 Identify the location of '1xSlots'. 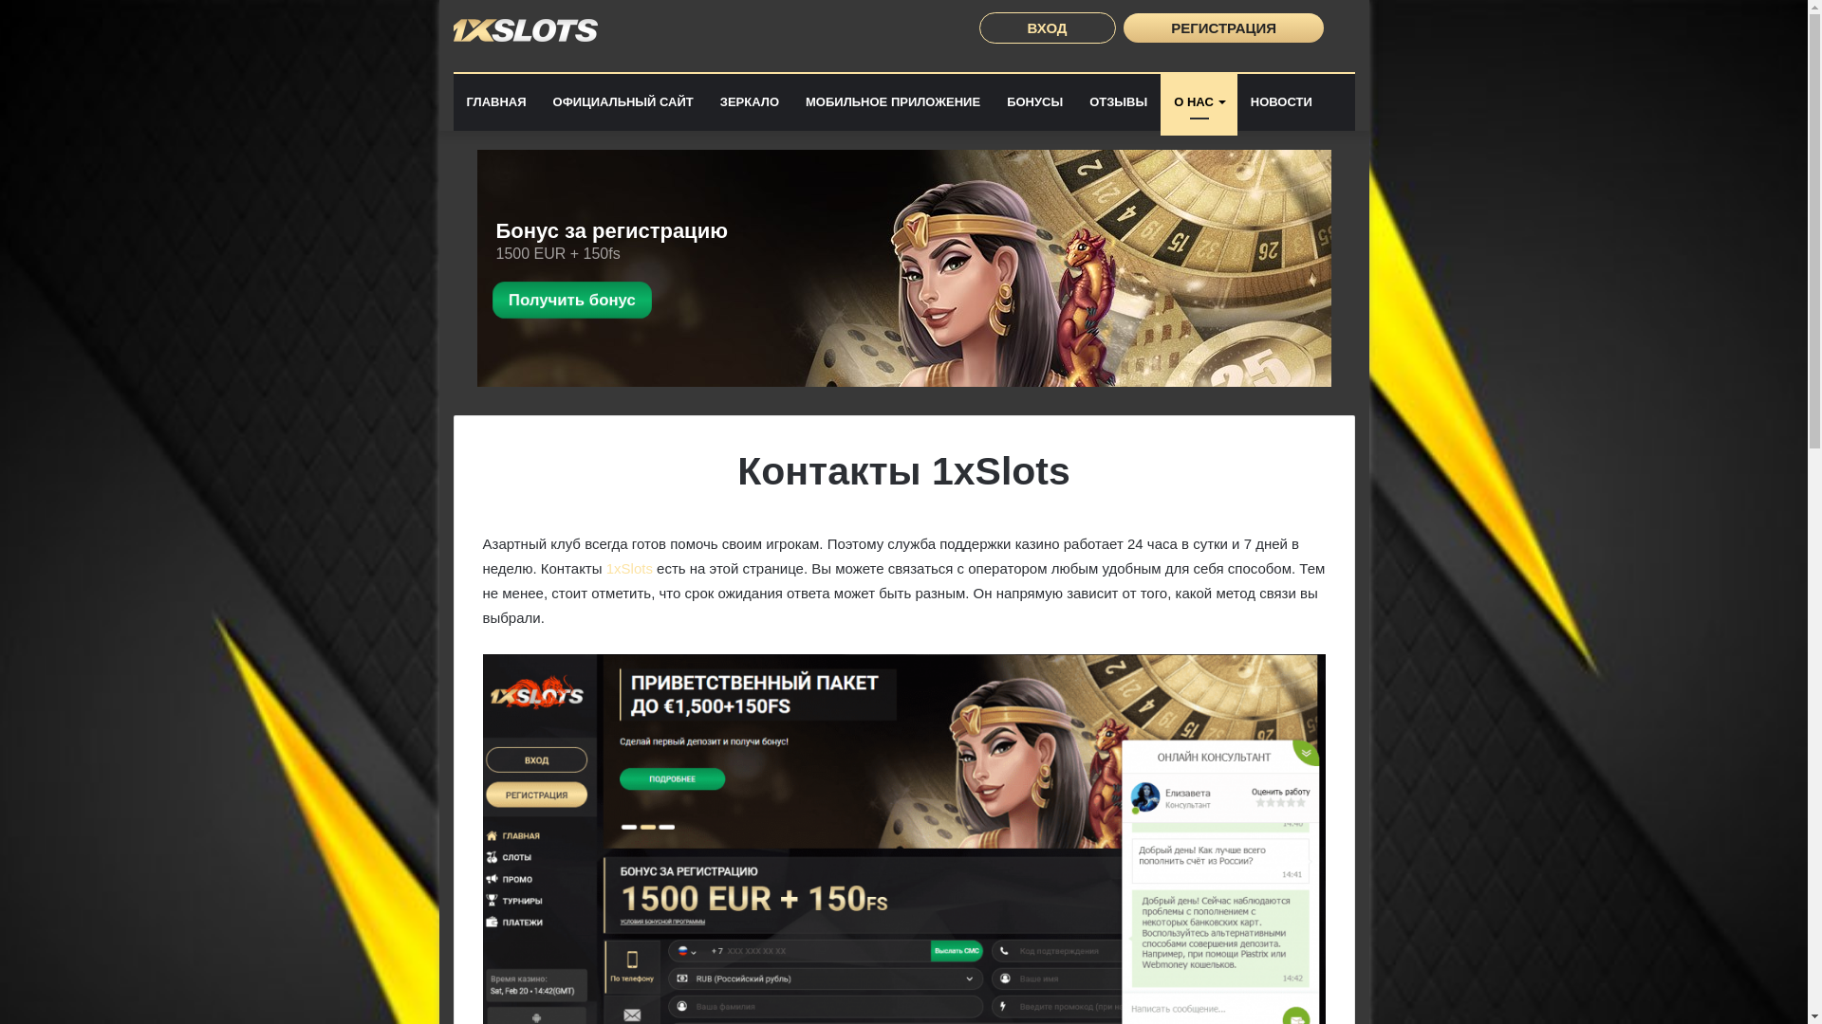
(525, 29).